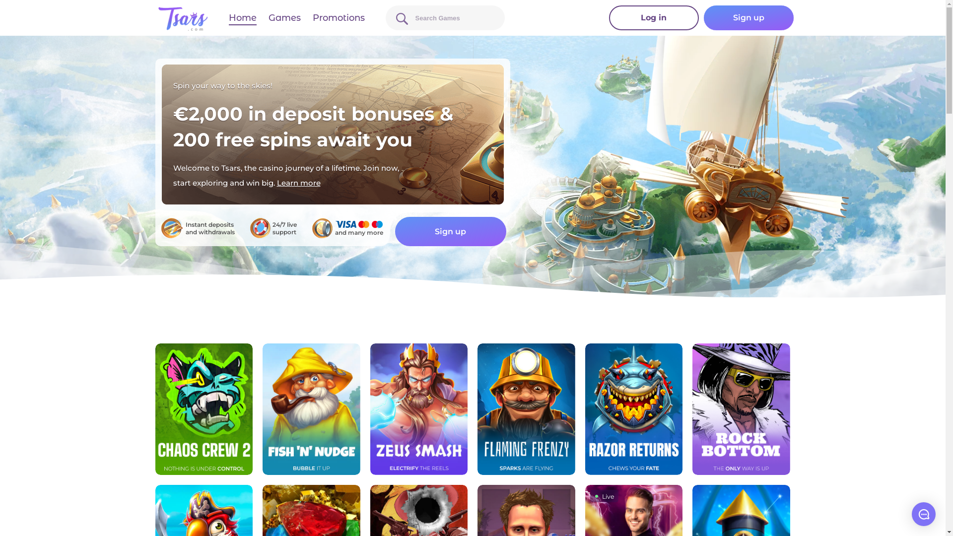 The image size is (953, 536). I want to click on 'Learn more', so click(298, 182).